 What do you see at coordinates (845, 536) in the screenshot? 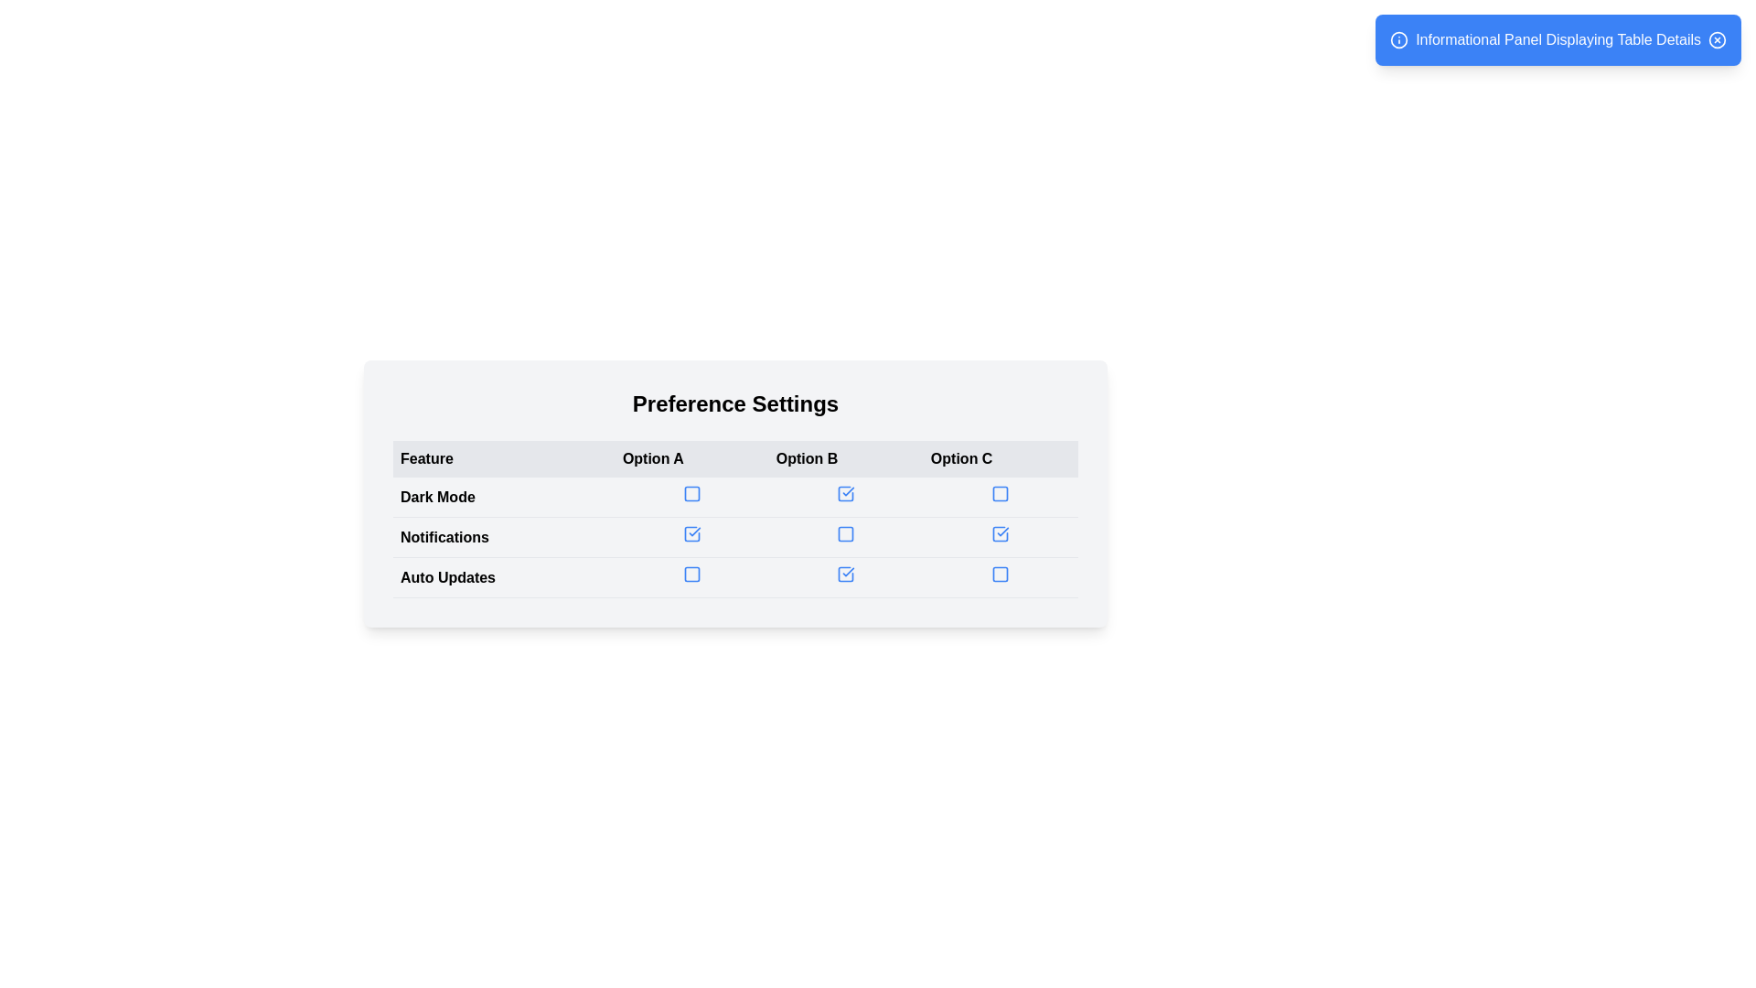
I see `the empty checkbox with a blue border located in the 'Option B' column of the 'Notifications' row in the preference settings table` at bounding box center [845, 536].